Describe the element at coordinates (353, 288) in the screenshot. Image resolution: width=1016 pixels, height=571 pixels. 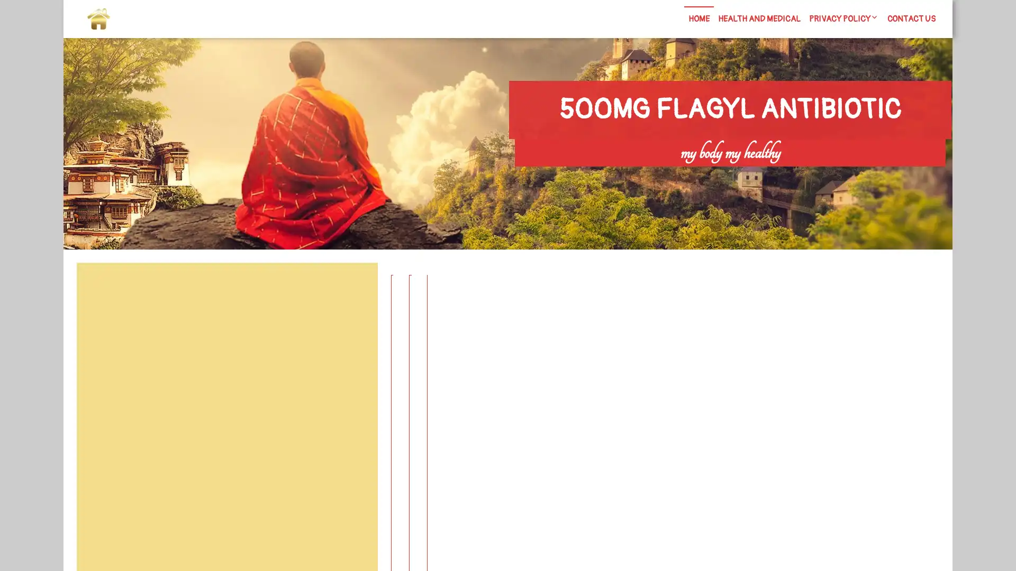
I see `Search` at that location.